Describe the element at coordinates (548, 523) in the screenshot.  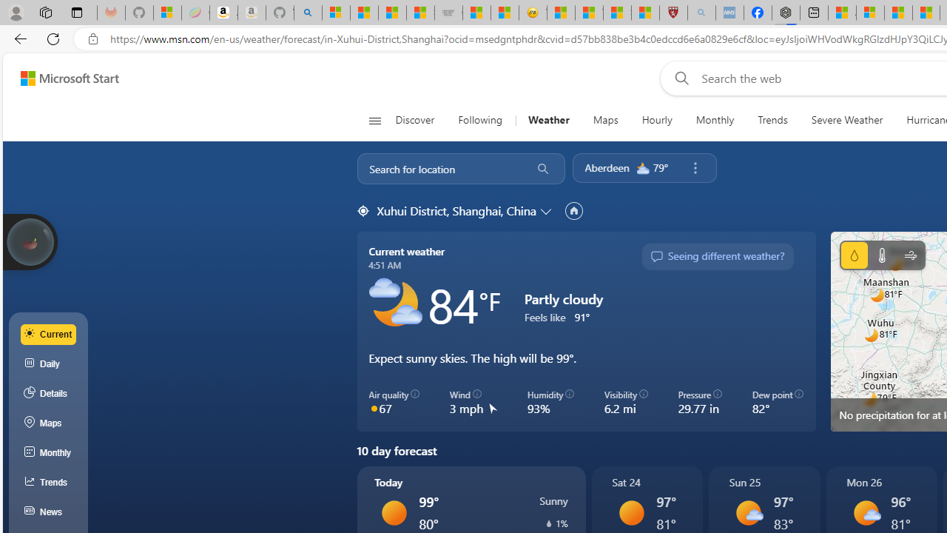
I see `'Precipitation'` at that location.